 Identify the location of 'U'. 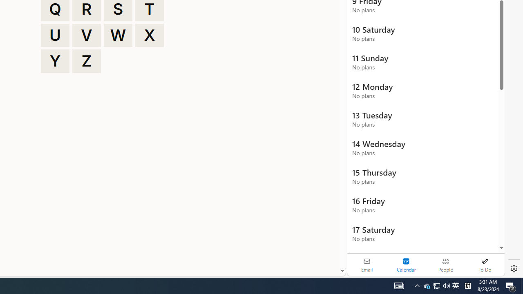
(55, 35).